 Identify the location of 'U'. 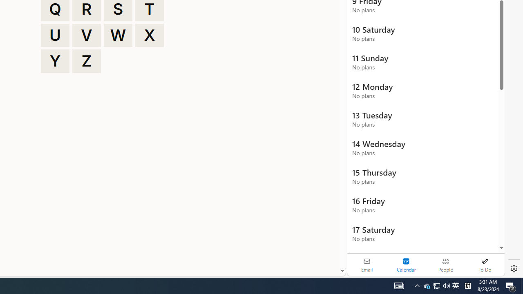
(55, 35).